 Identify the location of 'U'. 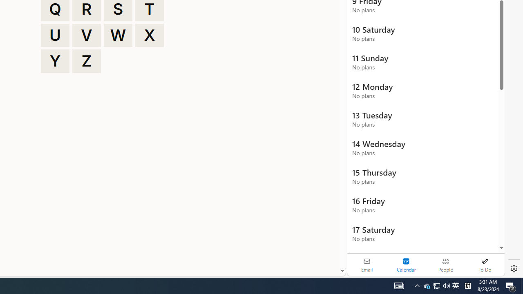
(55, 35).